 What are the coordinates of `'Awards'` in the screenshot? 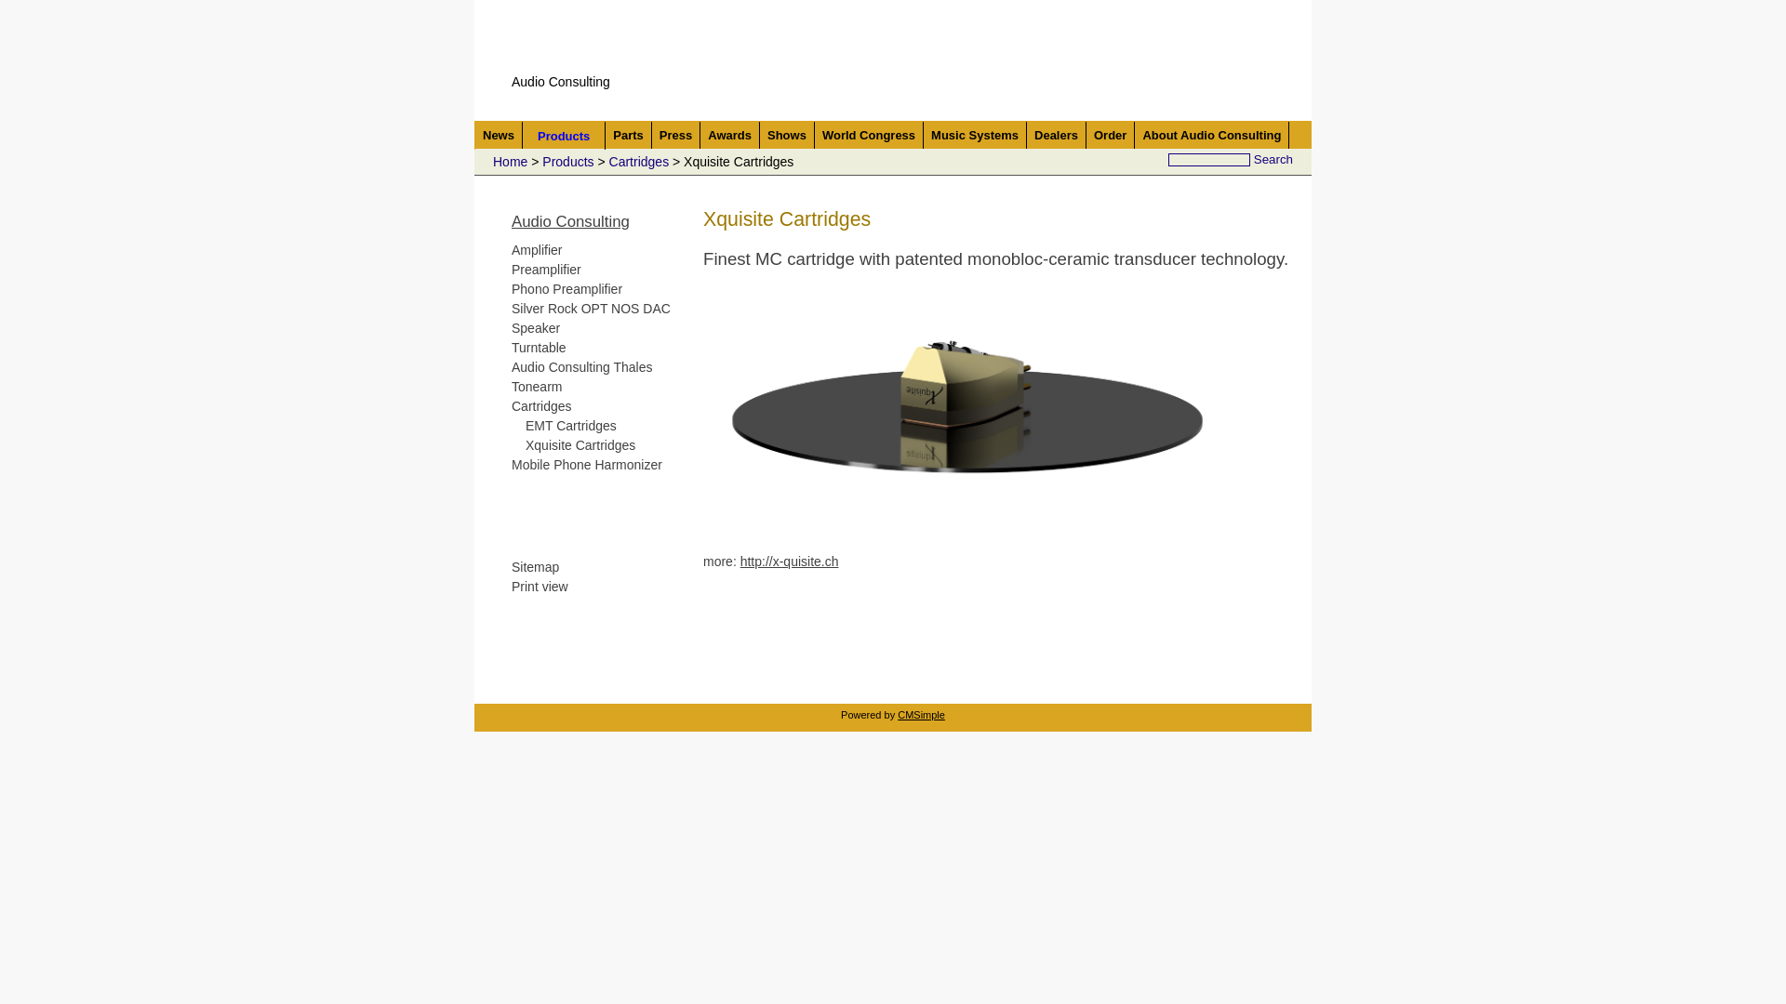 It's located at (728, 134).